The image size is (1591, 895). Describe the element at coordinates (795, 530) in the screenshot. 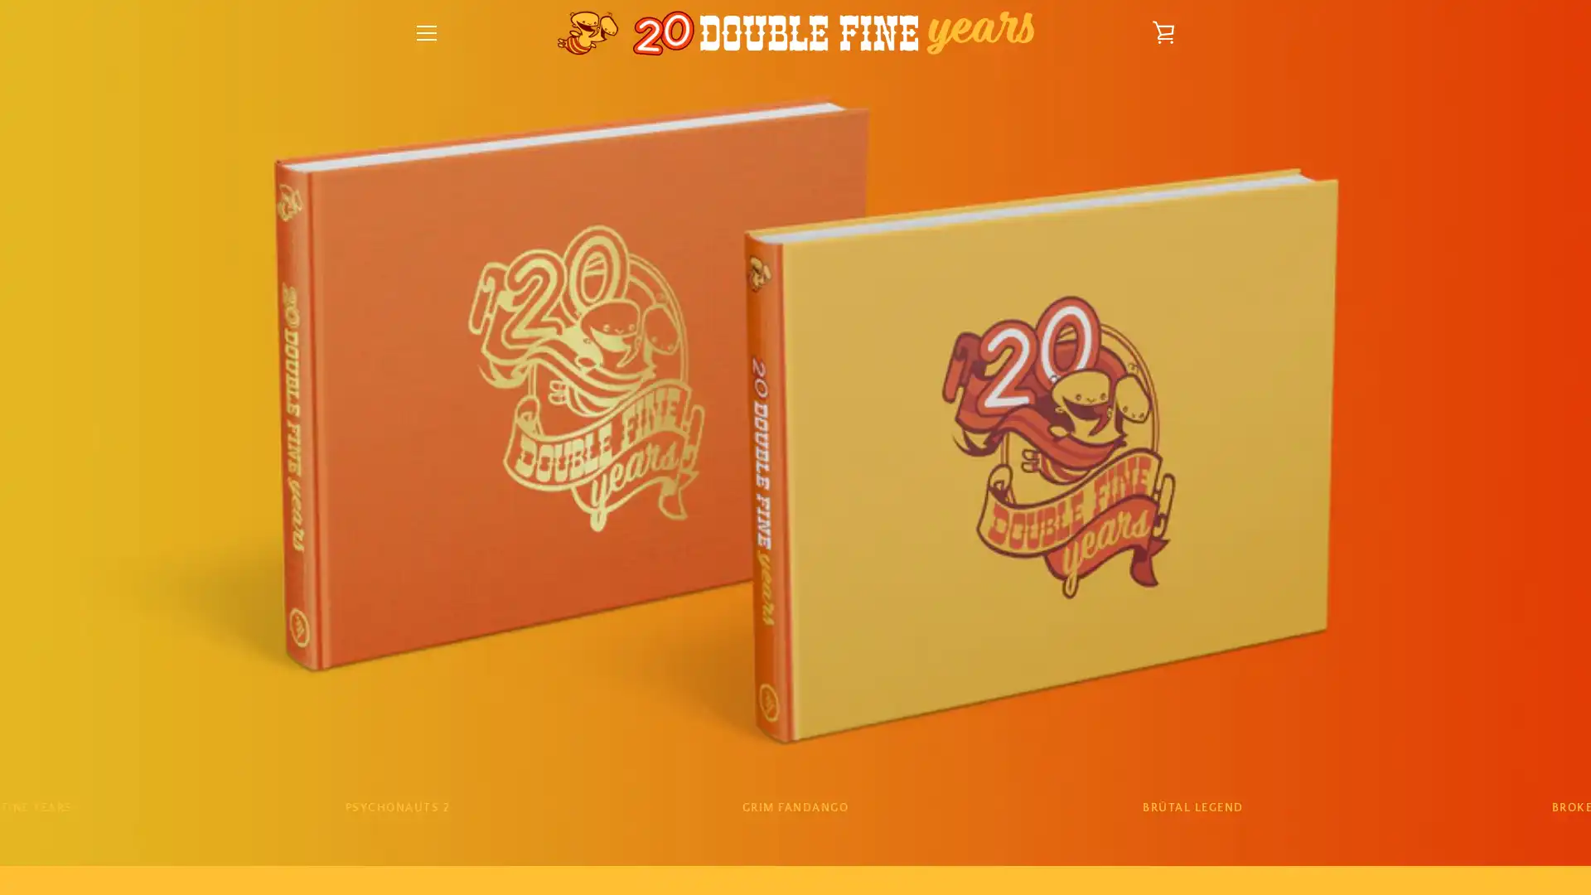

I see `Shop now` at that location.